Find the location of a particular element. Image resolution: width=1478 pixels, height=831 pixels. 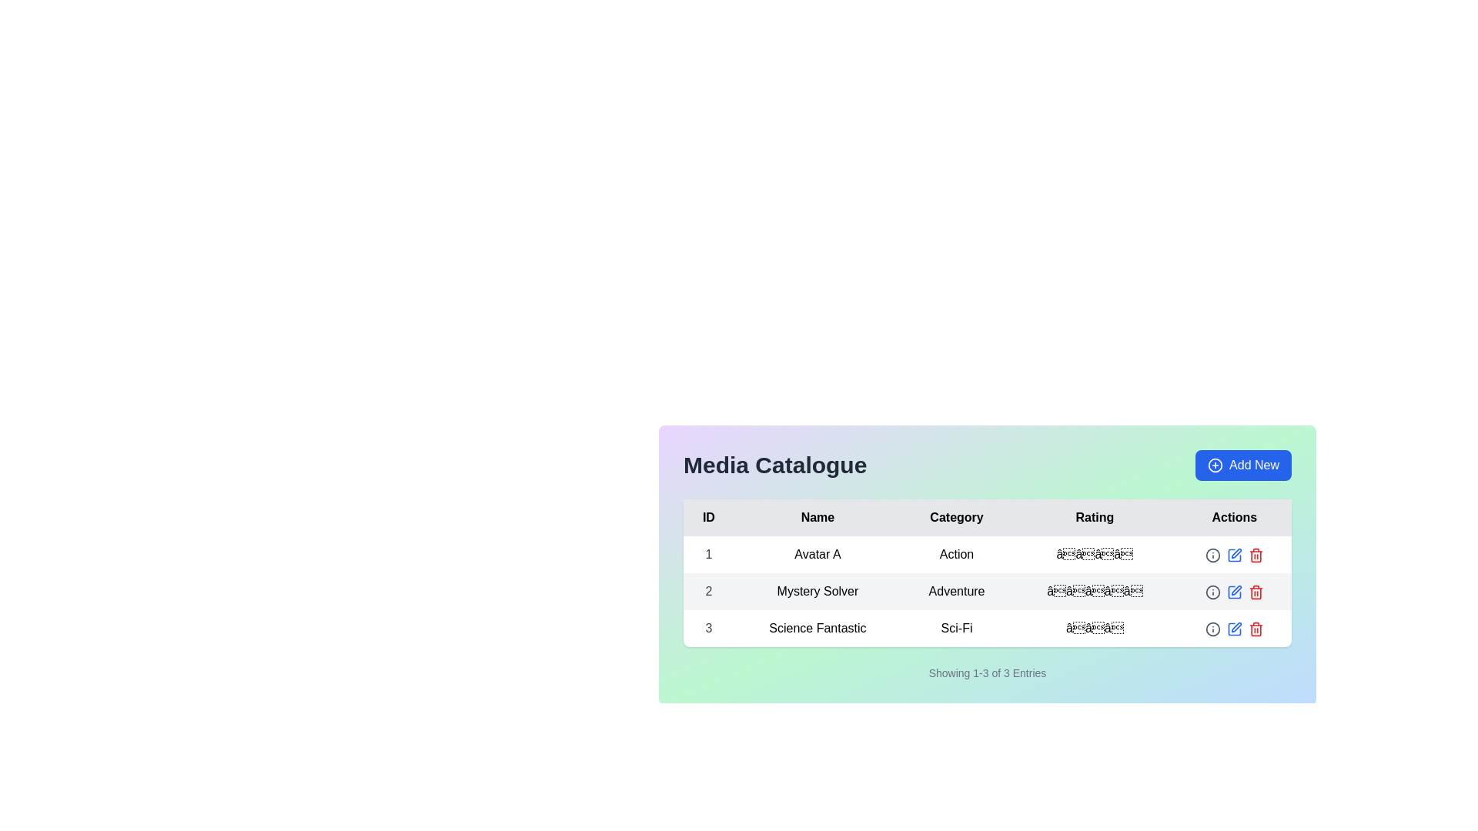

the information button located in the 'Actions' column of the second row in the table is located at coordinates (1212, 590).